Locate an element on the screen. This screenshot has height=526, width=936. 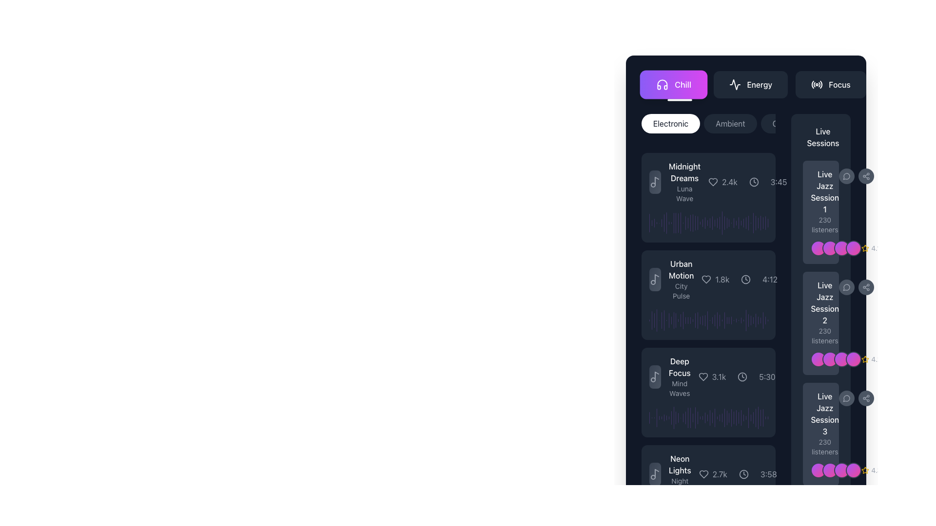
the static label with icon displaying the rating for 'Live Jazz Session 1' located at the bottom-right corner of the panel is located at coordinates (871, 247).